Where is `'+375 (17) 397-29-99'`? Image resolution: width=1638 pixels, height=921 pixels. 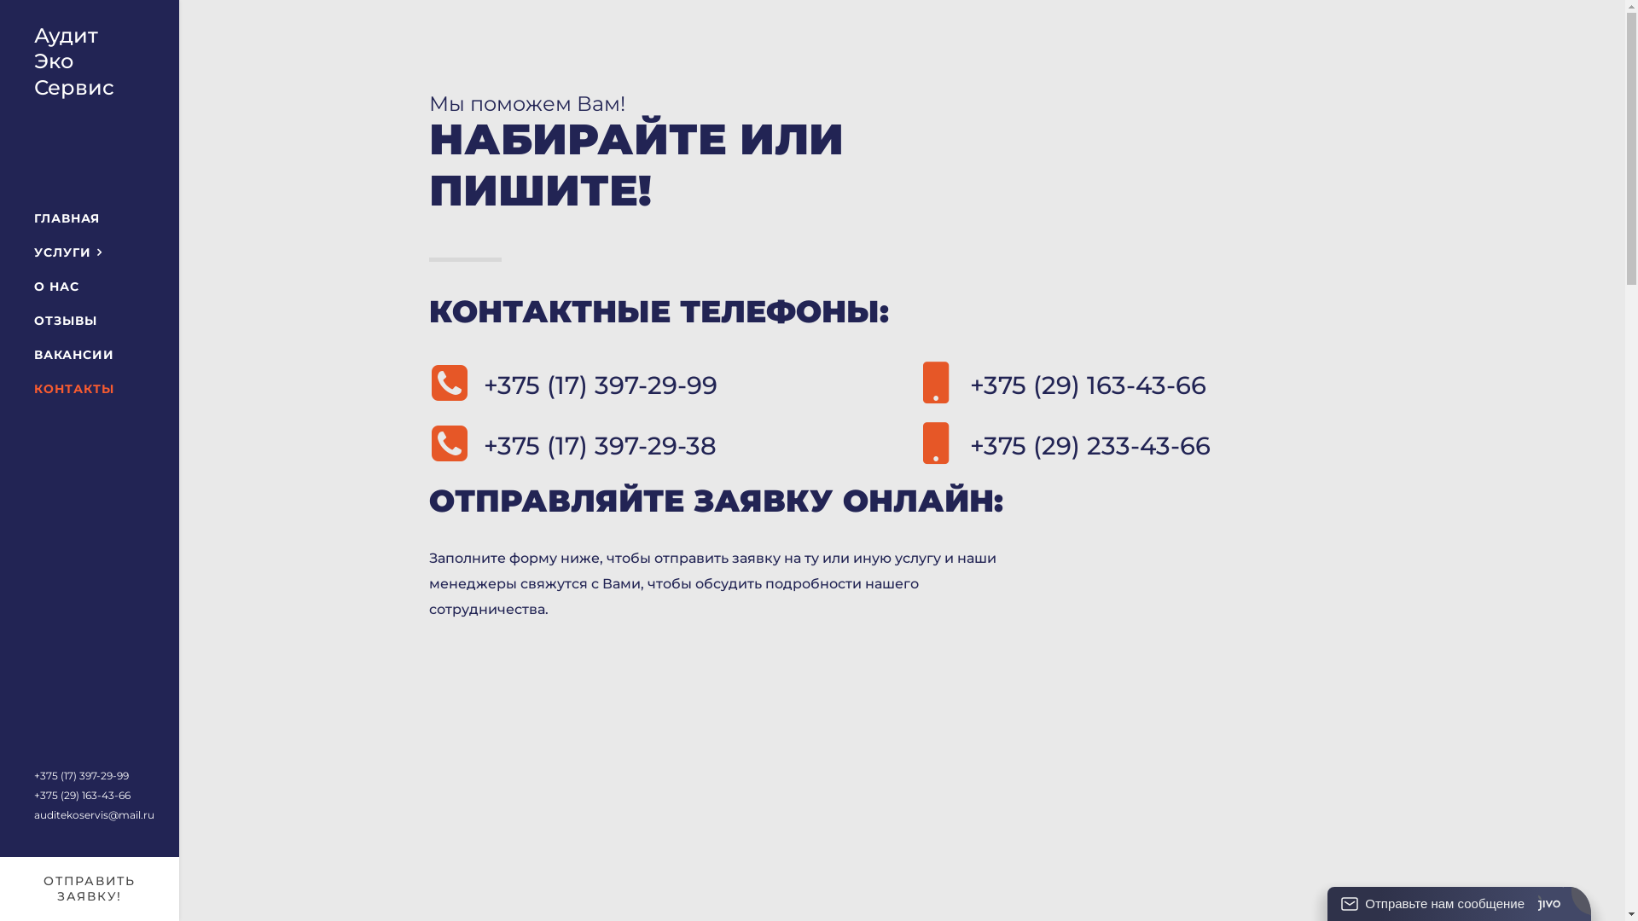
'+375 (17) 397-29-99' is located at coordinates (80, 775).